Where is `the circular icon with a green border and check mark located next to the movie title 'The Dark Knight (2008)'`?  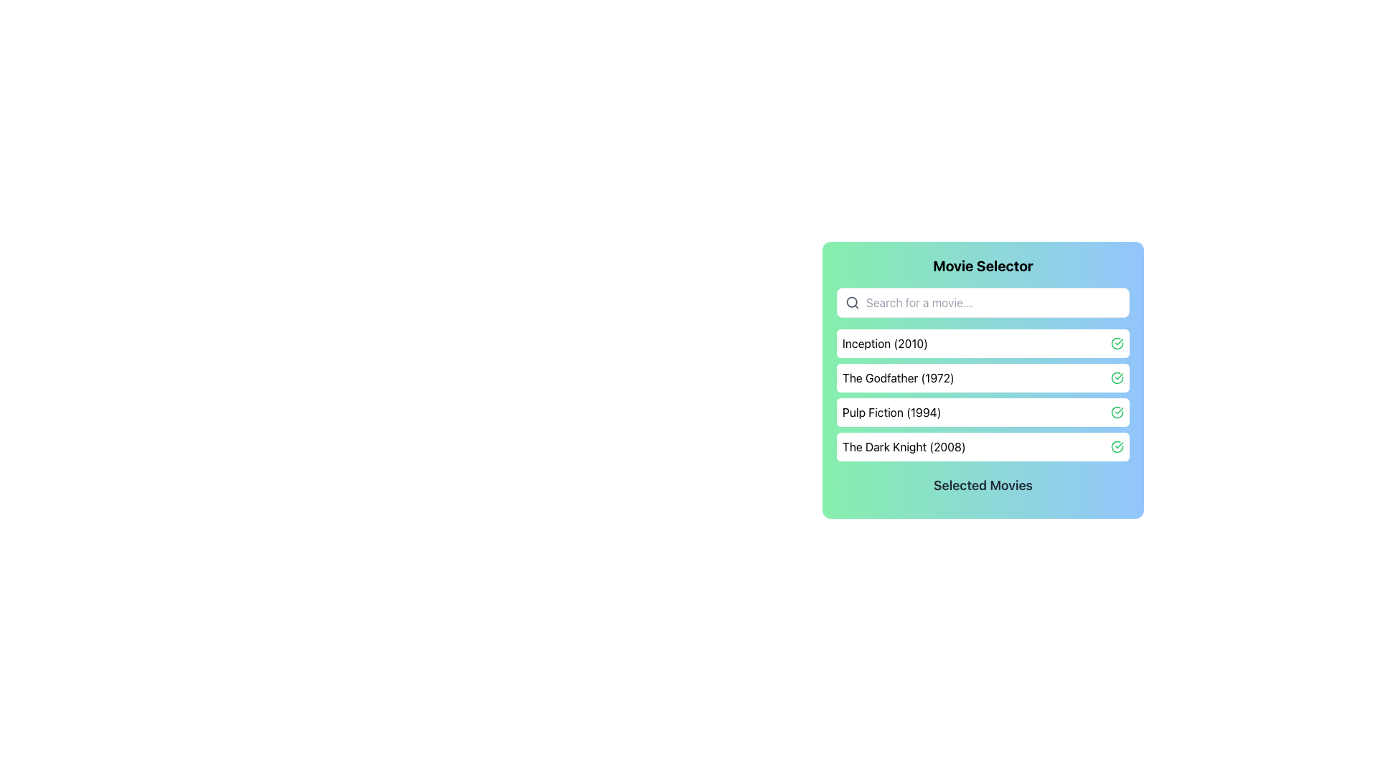 the circular icon with a green border and check mark located next to the movie title 'The Dark Knight (2008)' is located at coordinates (1116, 446).